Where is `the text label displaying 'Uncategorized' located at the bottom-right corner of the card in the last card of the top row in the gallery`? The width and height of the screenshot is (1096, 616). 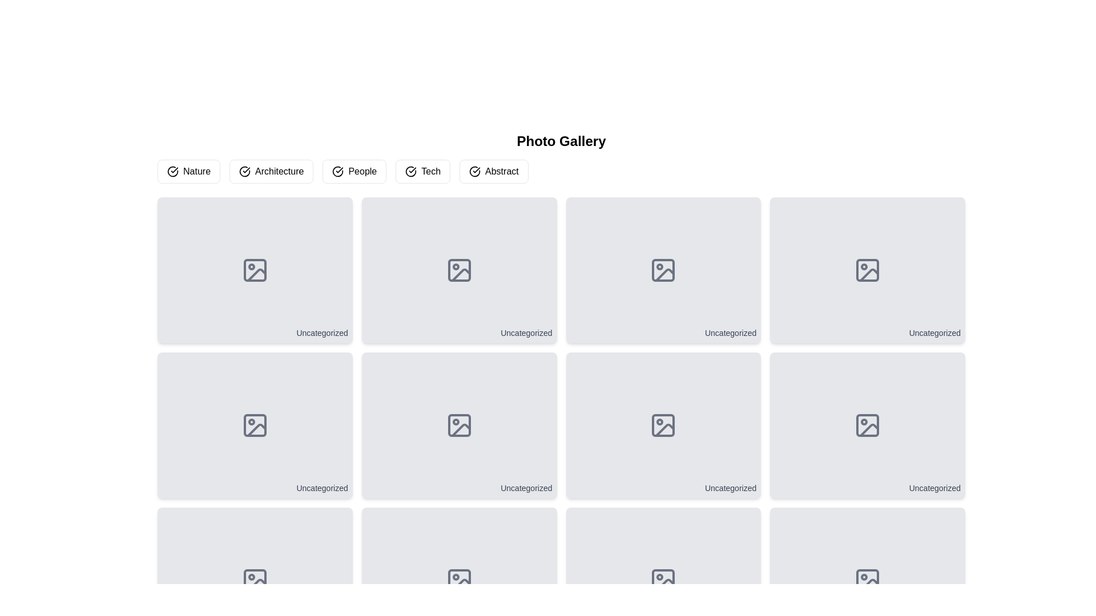 the text label displaying 'Uncategorized' located at the bottom-right corner of the card in the last card of the top row in the gallery is located at coordinates (934, 333).